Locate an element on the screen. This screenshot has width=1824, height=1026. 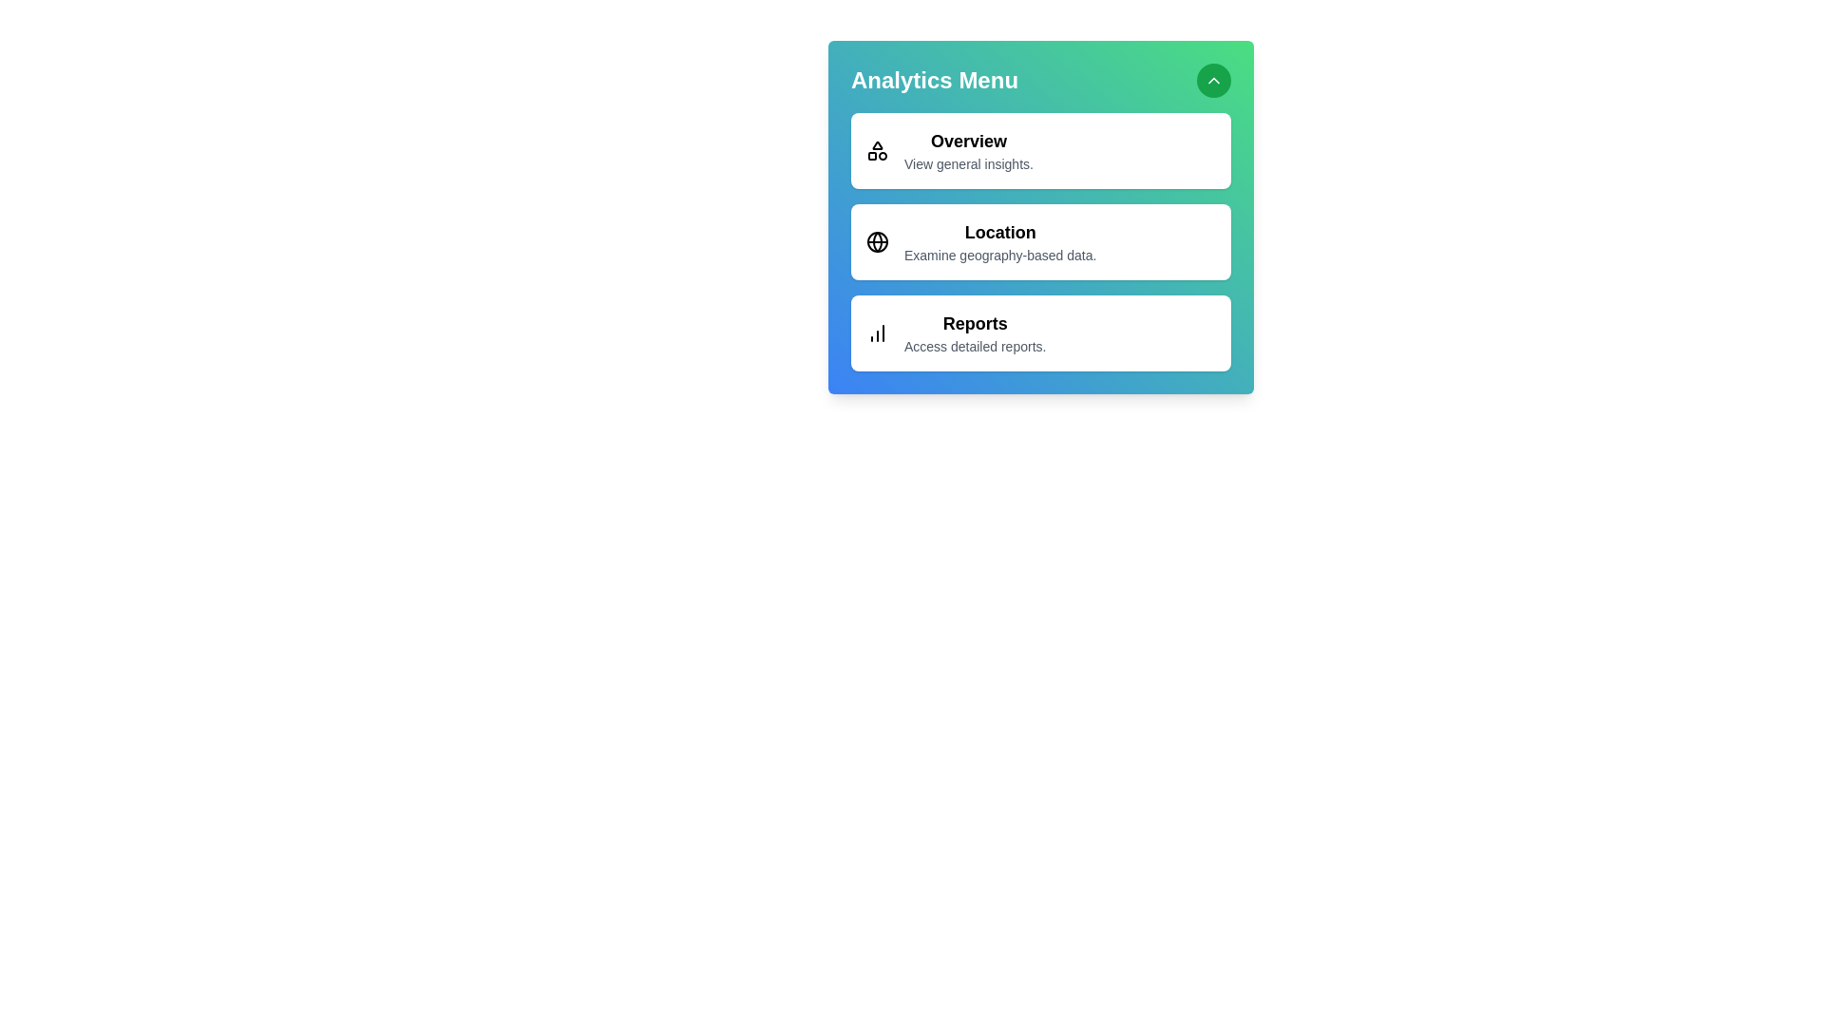
the menu item Overview to navigate to its associated section is located at coordinates (1039, 149).